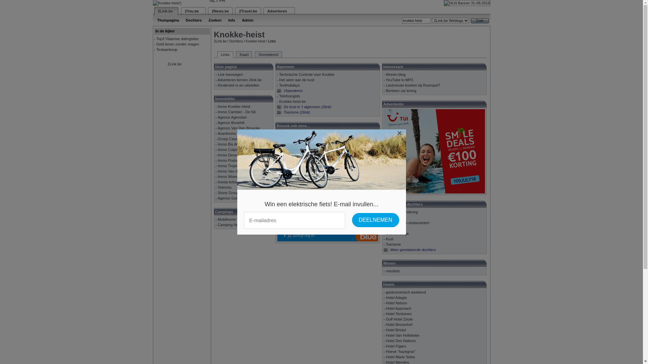 This screenshot has height=364, width=648. Describe the element at coordinates (401, 340) in the screenshot. I see `'Hotel Des Nations'` at that location.